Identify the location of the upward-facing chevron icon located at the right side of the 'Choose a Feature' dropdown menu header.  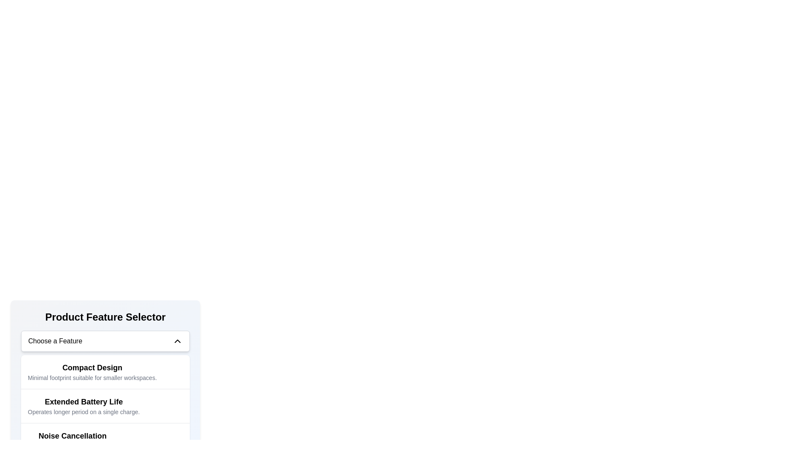
(177, 341).